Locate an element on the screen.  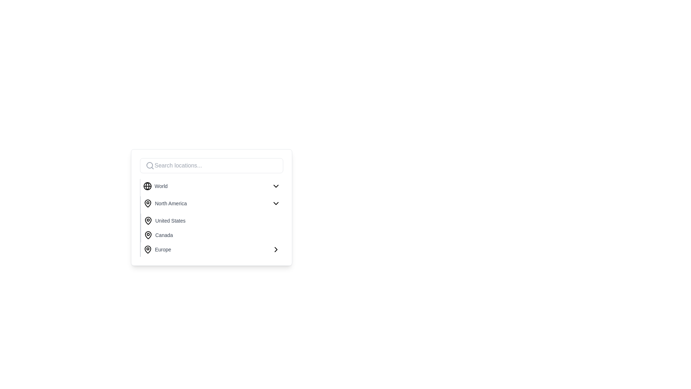
the text label displaying 'North America', which is styled in a medium-weight gray font and is the second item in a vertical list associated with a map pin icon is located at coordinates (170, 203).